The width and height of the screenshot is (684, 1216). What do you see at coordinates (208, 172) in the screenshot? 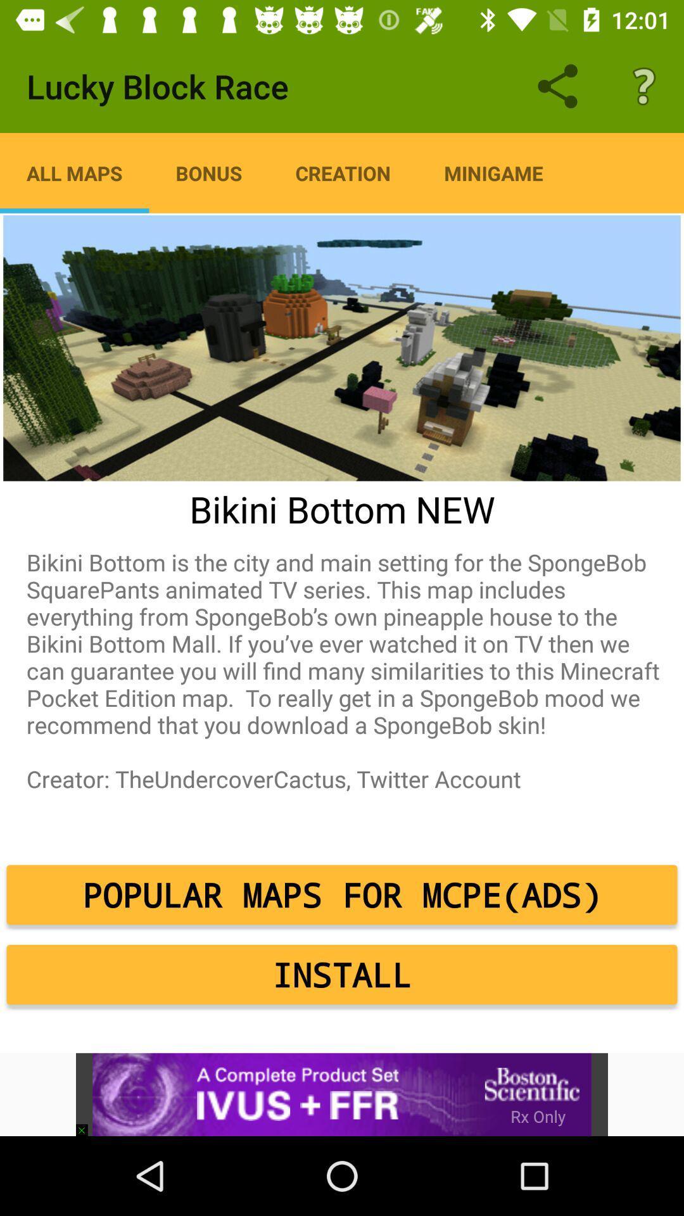
I see `the bonus app` at bounding box center [208, 172].